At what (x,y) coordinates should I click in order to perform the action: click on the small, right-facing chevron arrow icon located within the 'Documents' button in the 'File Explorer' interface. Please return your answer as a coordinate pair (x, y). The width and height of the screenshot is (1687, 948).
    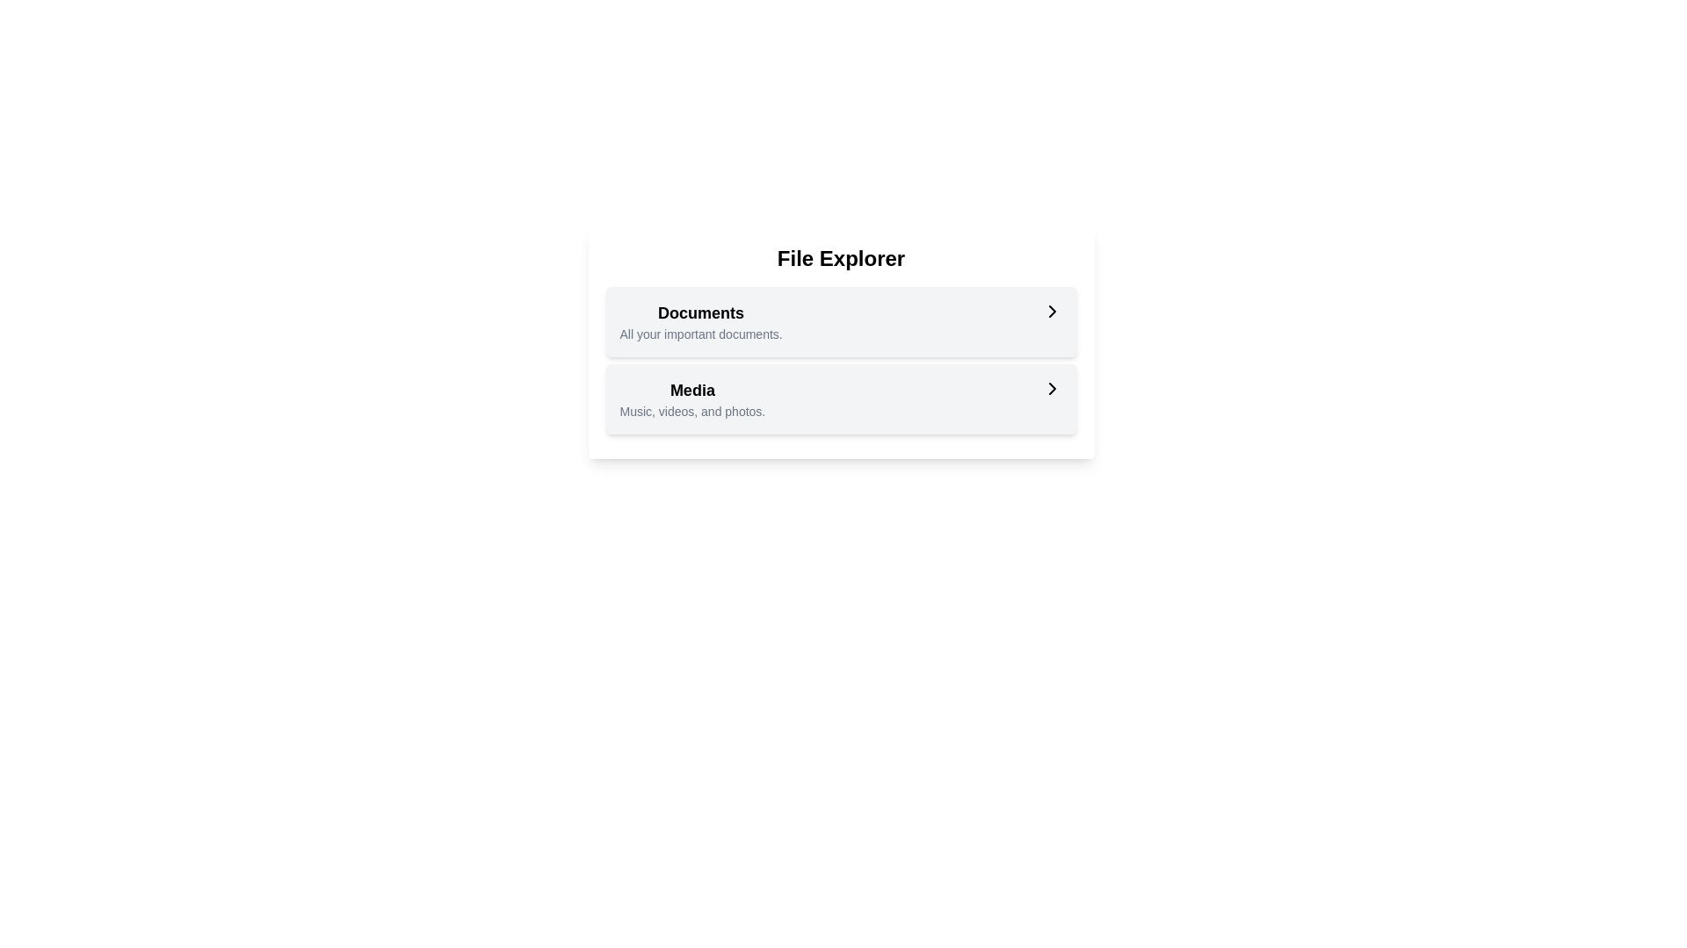
    Looking at the image, I should click on (1052, 310).